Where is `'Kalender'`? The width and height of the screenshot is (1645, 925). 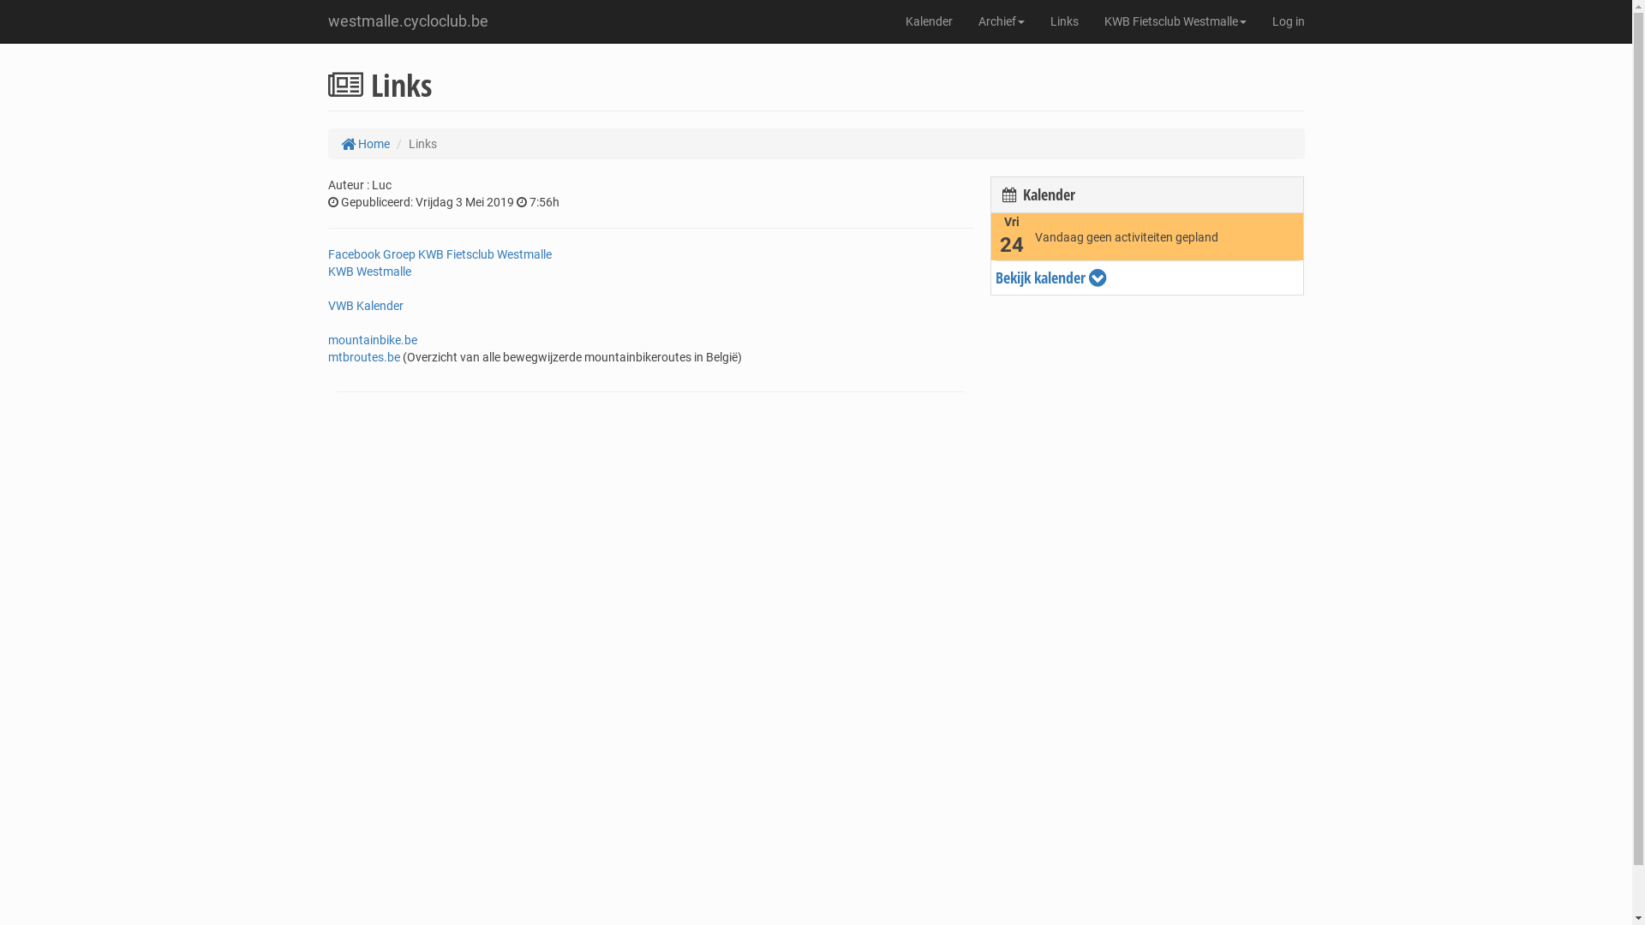
'Kalender' is located at coordinates (928, 21).